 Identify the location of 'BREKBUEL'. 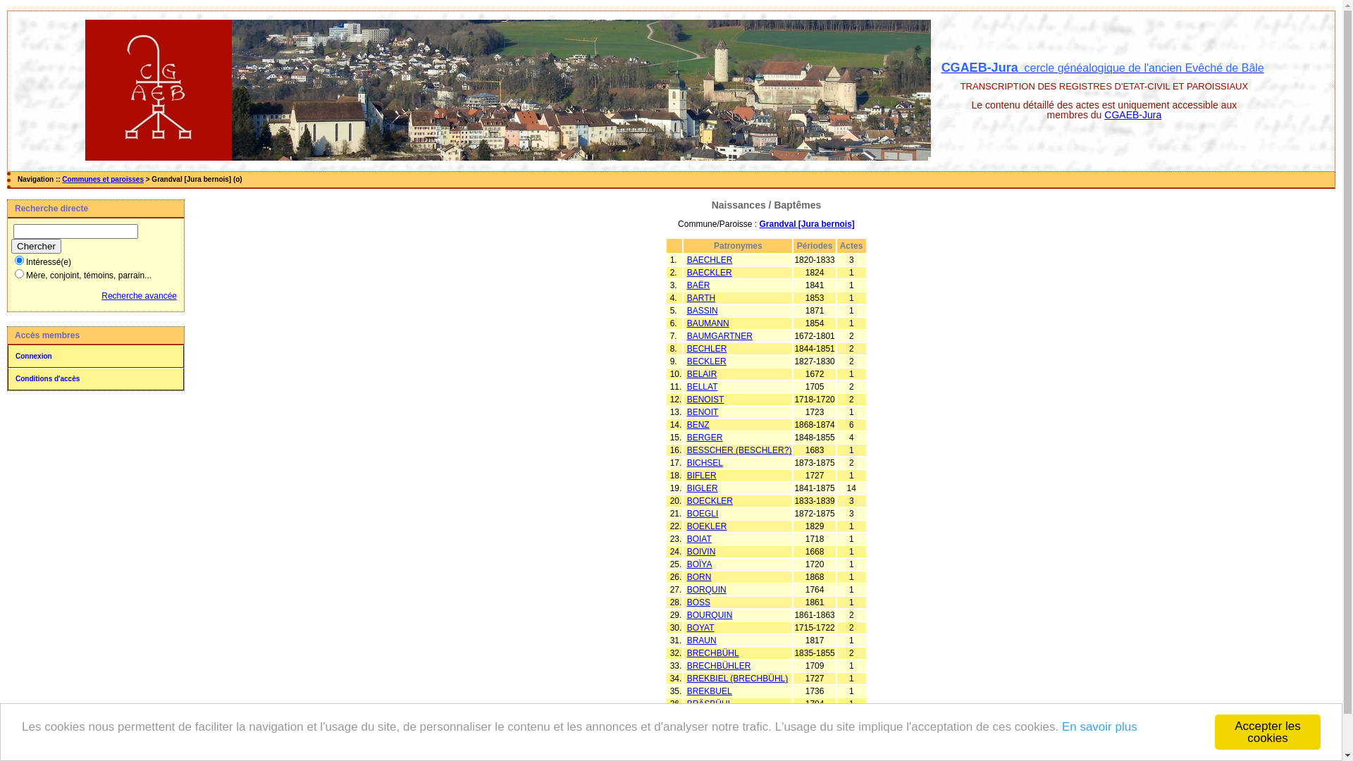
(710, 690).